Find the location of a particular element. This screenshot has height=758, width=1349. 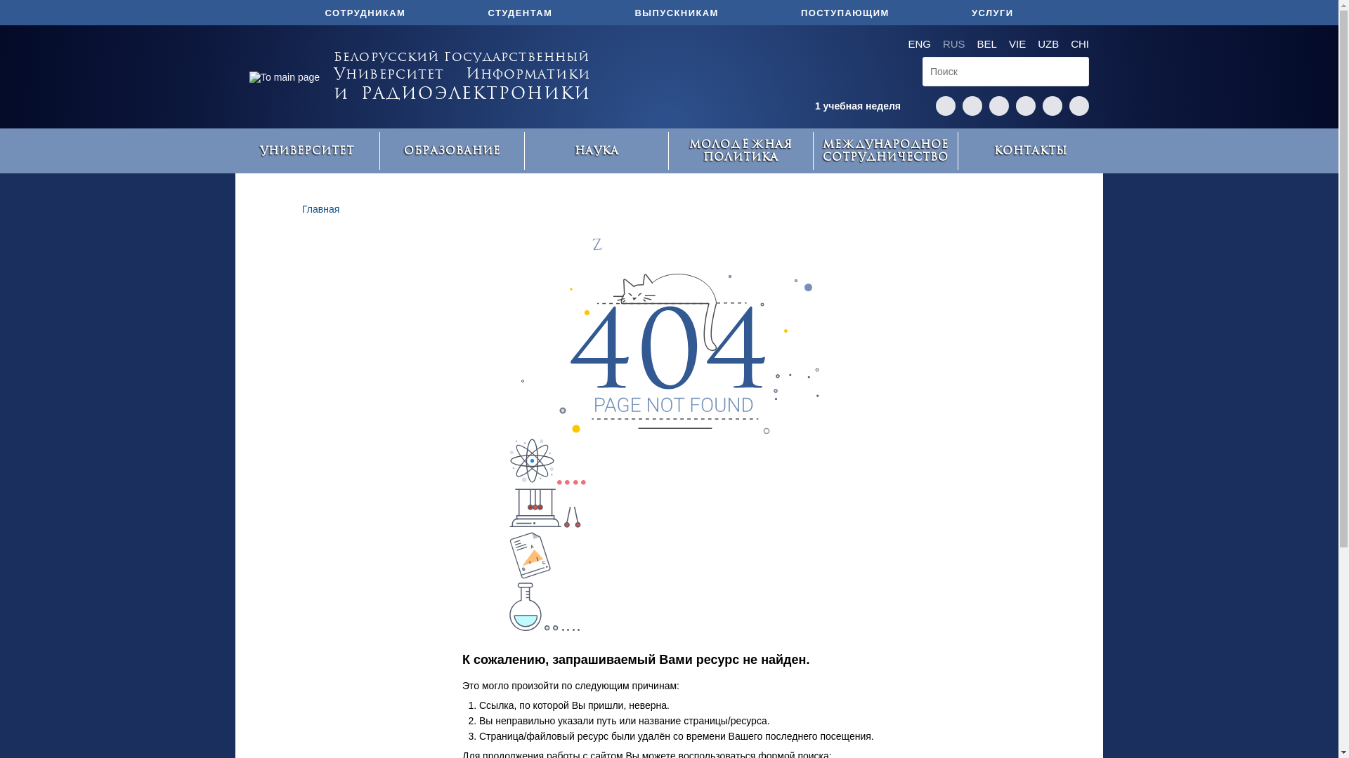

'BEL' is located at coordinates (977, 43).